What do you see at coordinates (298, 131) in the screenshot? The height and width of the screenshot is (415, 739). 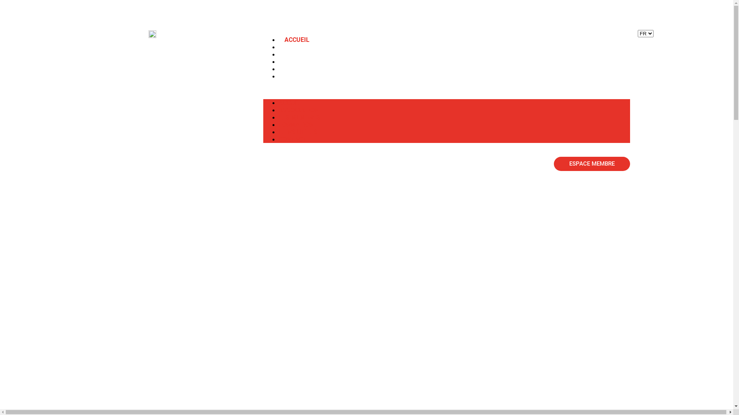 I see `'LIENS UTILES'` at bounding box center [298, 131].